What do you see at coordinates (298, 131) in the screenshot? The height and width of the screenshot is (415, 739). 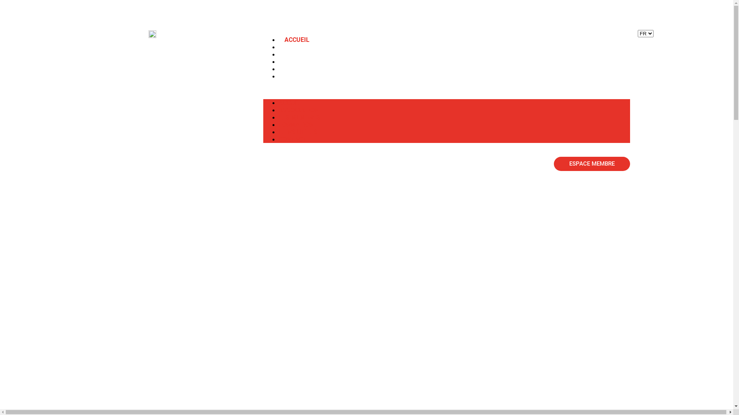 I see `'LIENS UTILES'` at bounding box center [298, 131].